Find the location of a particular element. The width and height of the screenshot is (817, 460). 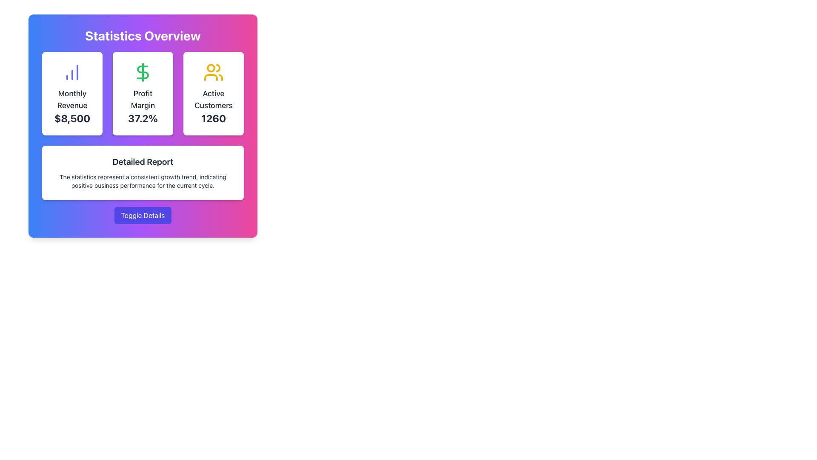

the bold-styled numeric label displaying the number 1260, located below the 'Active Customers' title text within the statistics overview card is located at coordinates (214, 118).